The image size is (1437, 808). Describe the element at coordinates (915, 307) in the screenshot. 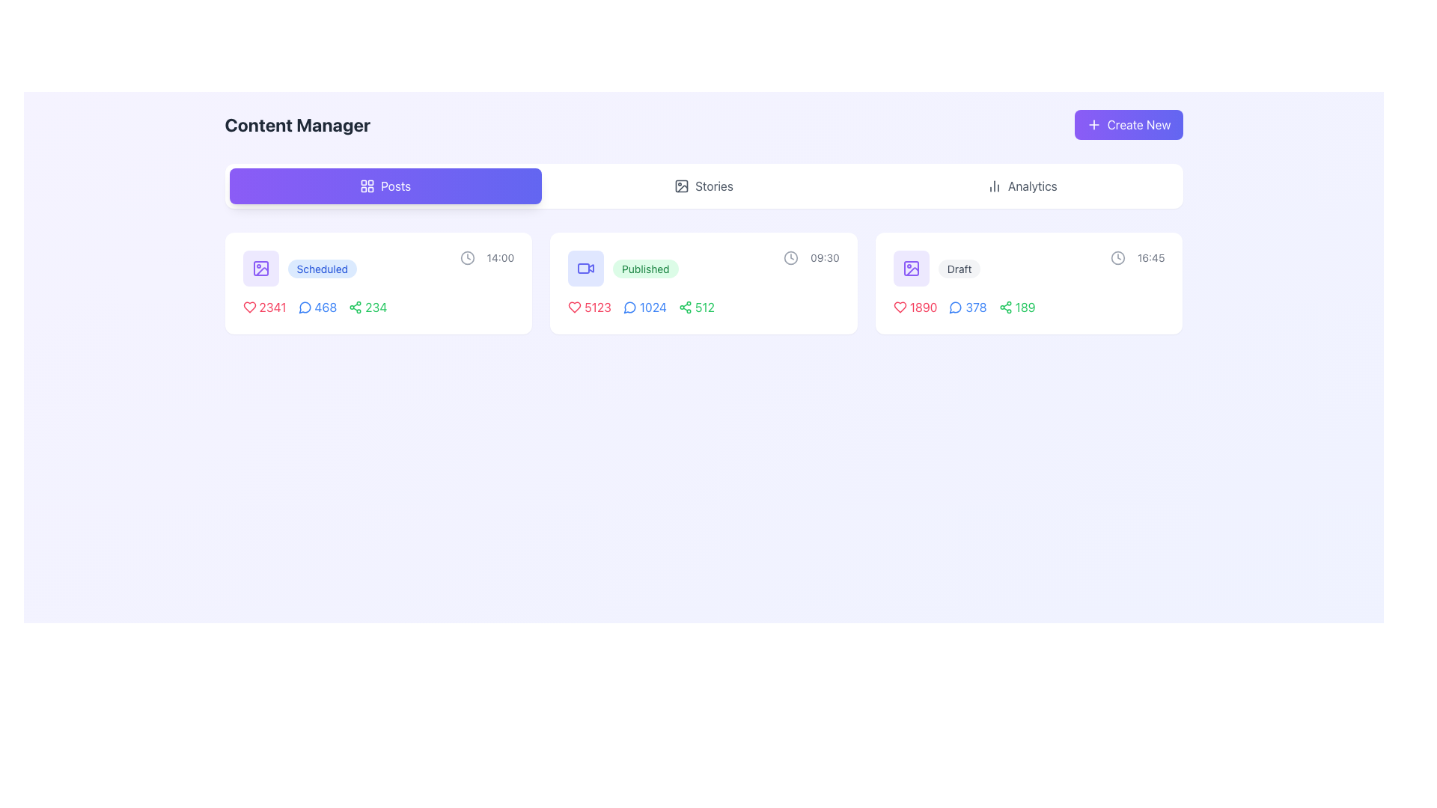

I see `the Text with heart icon representing the count of likes or reactions located in the lower row of the card labeled 'Draft', positioned towards the bottom-left area of the card` at that location.